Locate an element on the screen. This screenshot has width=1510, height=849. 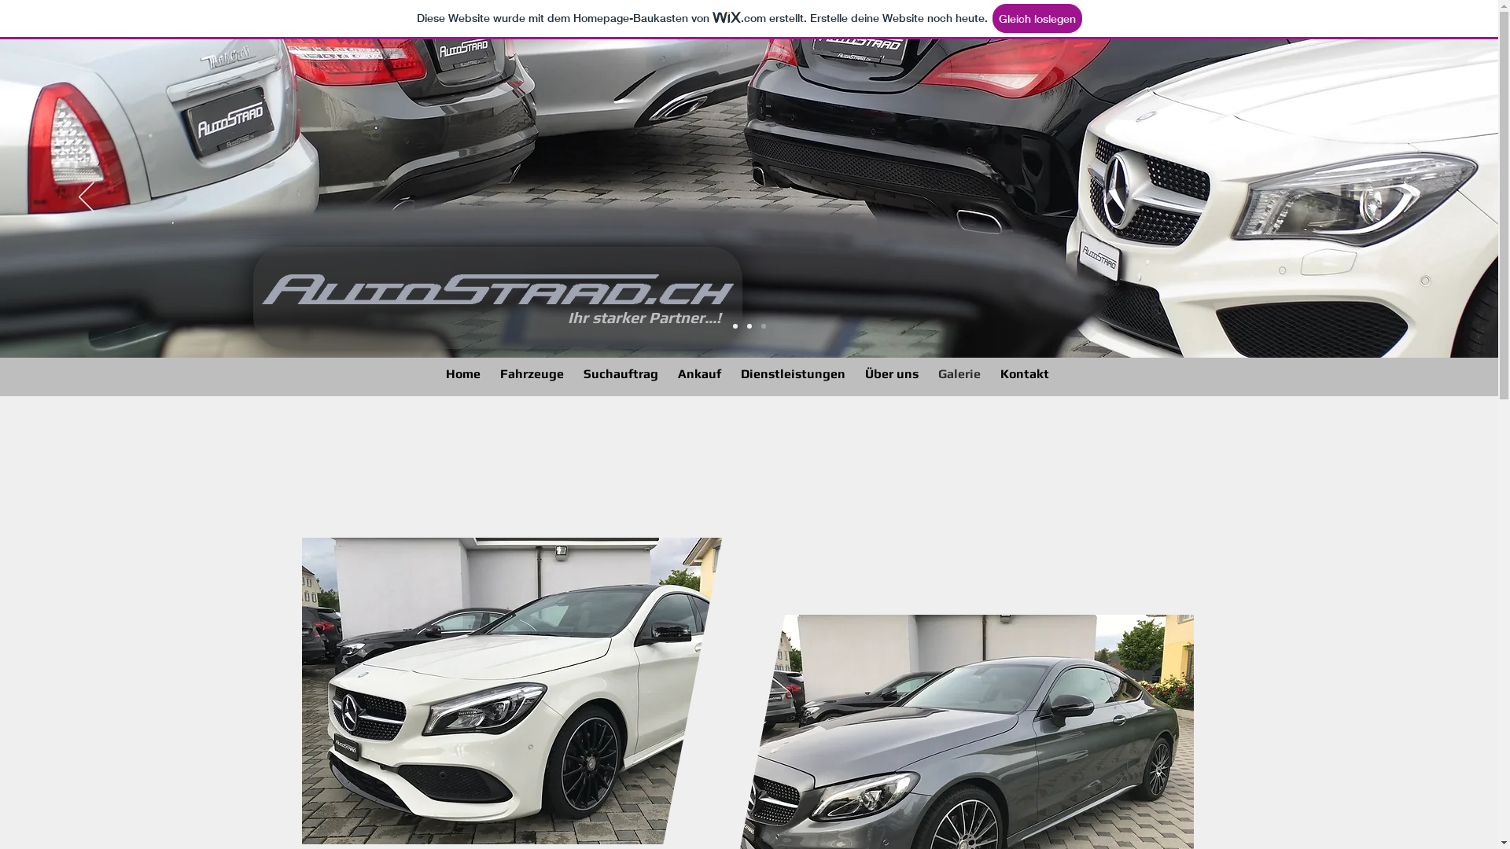
'Dienstleistungen' is located at coordinates (793, 373).